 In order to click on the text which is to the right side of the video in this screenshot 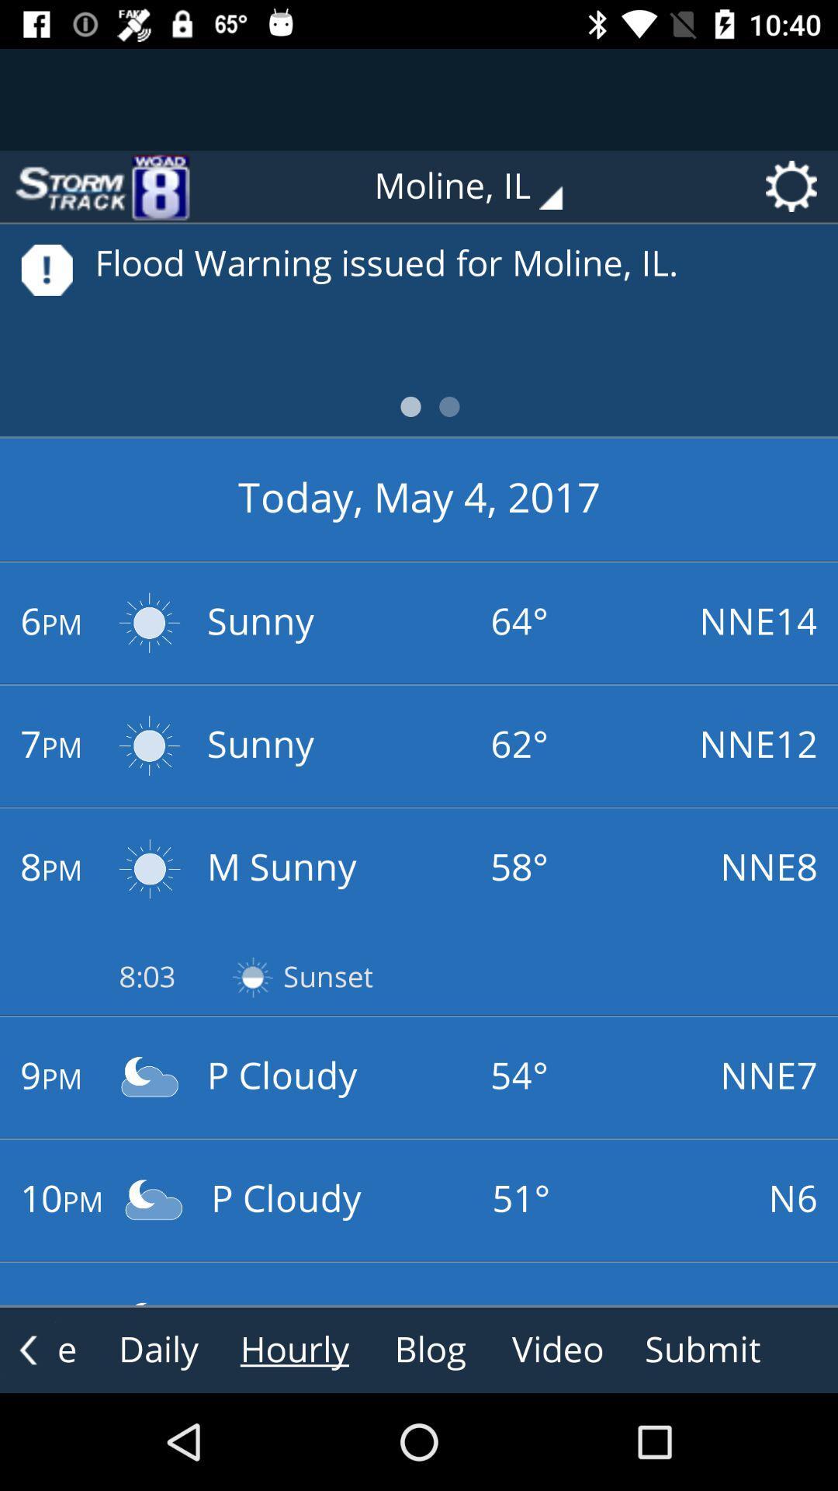, I will do `click(703, 1349)`.